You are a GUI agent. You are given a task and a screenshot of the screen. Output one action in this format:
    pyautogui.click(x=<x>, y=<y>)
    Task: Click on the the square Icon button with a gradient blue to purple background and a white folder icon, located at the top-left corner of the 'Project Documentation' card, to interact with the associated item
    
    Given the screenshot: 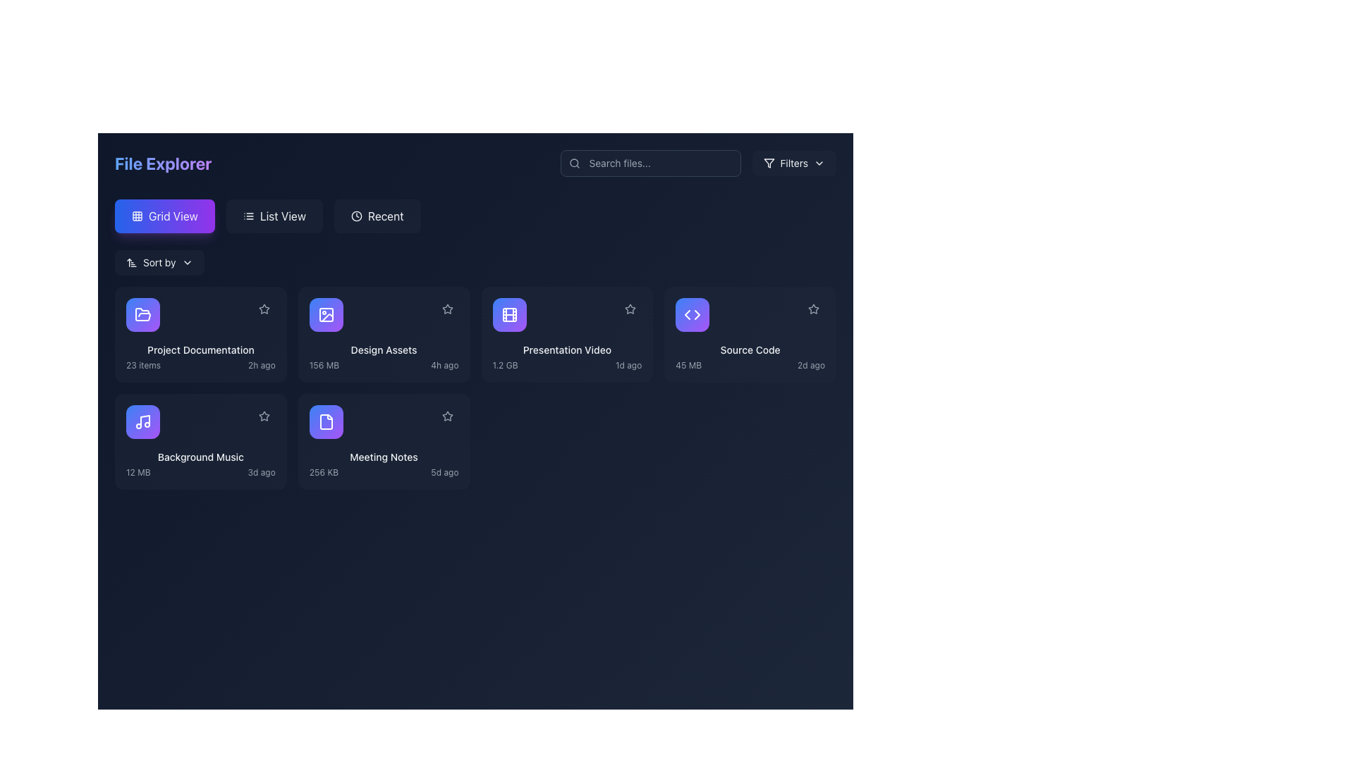 What is the action you would take?
    pyautogui.click(x=142, y=314)
    